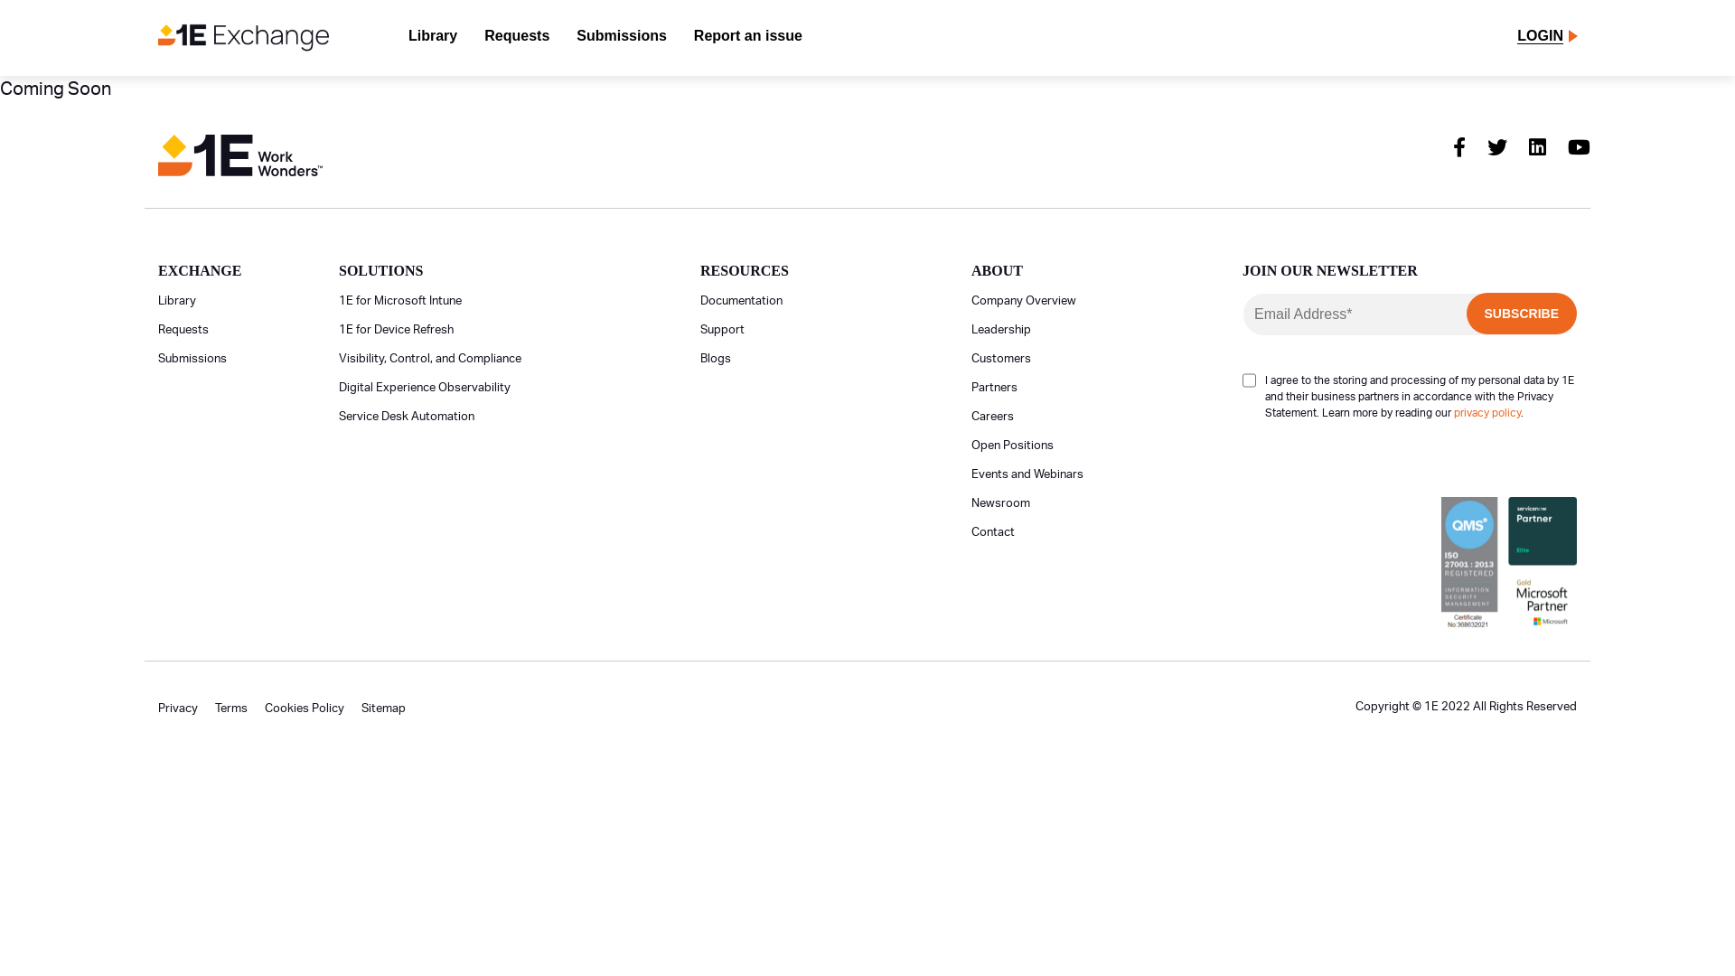  I want to click on 'Contact', so click(992, 531).